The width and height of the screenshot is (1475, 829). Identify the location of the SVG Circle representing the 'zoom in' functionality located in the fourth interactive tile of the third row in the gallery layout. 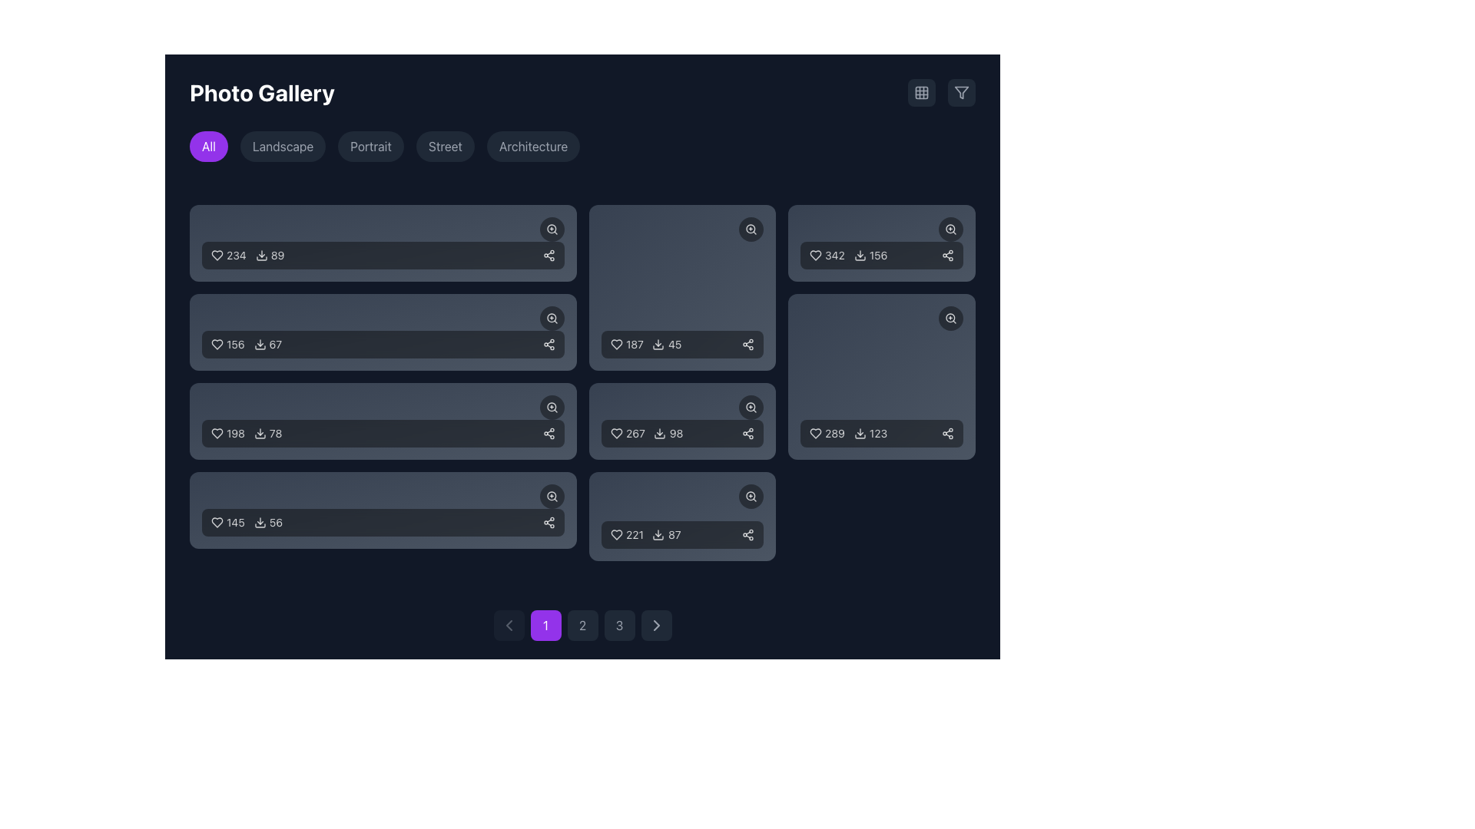
(751, 406).